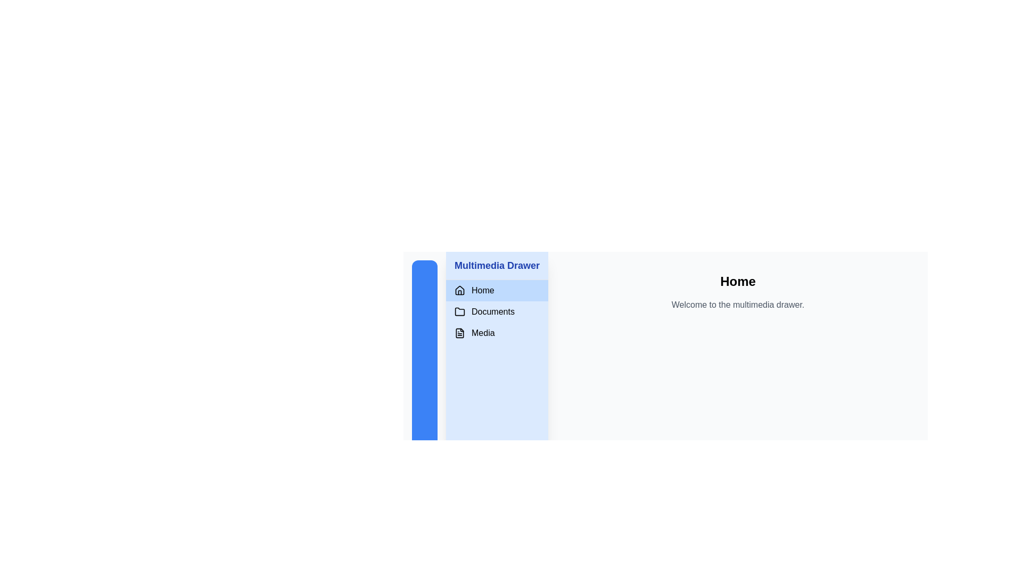 The height and width of the screenshot is (575, 1022). What do you see at coordinates (460, 311) in the screenshot?
I see `the small abstract folder icon located under the 'Documents' label in the left navigation drawer` at bounding box center [460, 311].